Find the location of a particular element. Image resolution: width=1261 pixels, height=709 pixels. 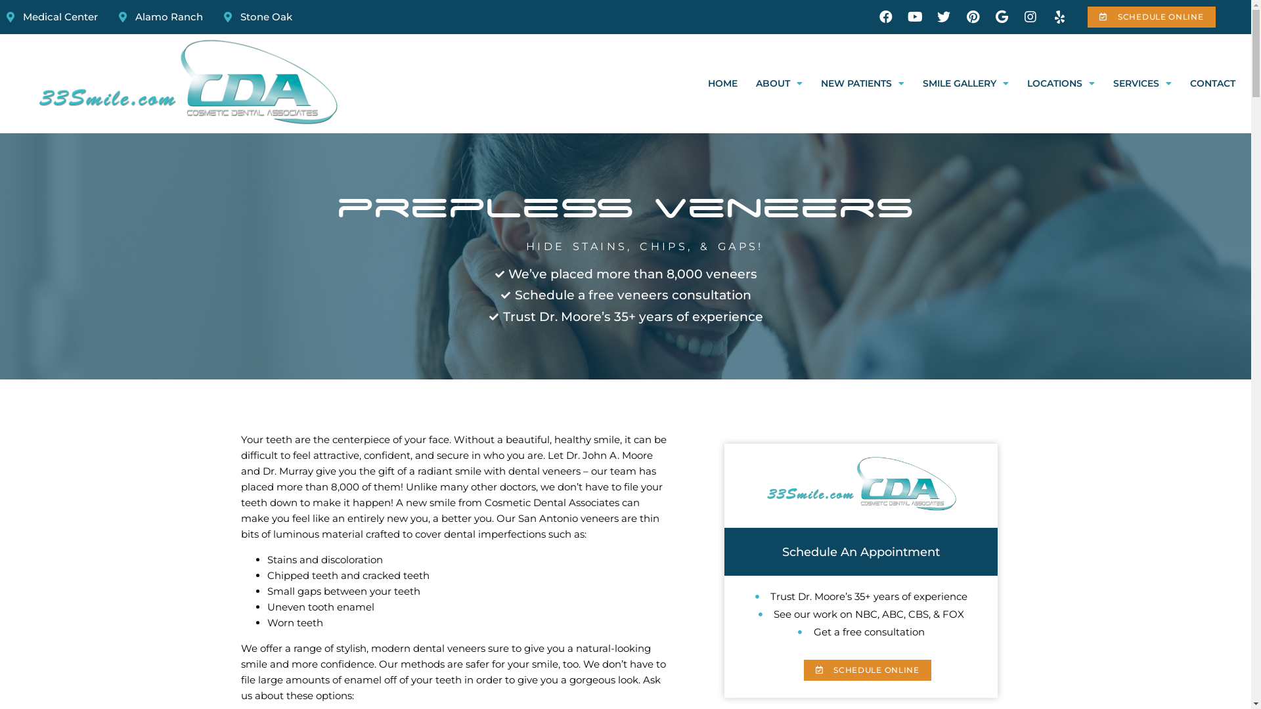

'SMILE GALLERY' is located at coordinates (965, 83).